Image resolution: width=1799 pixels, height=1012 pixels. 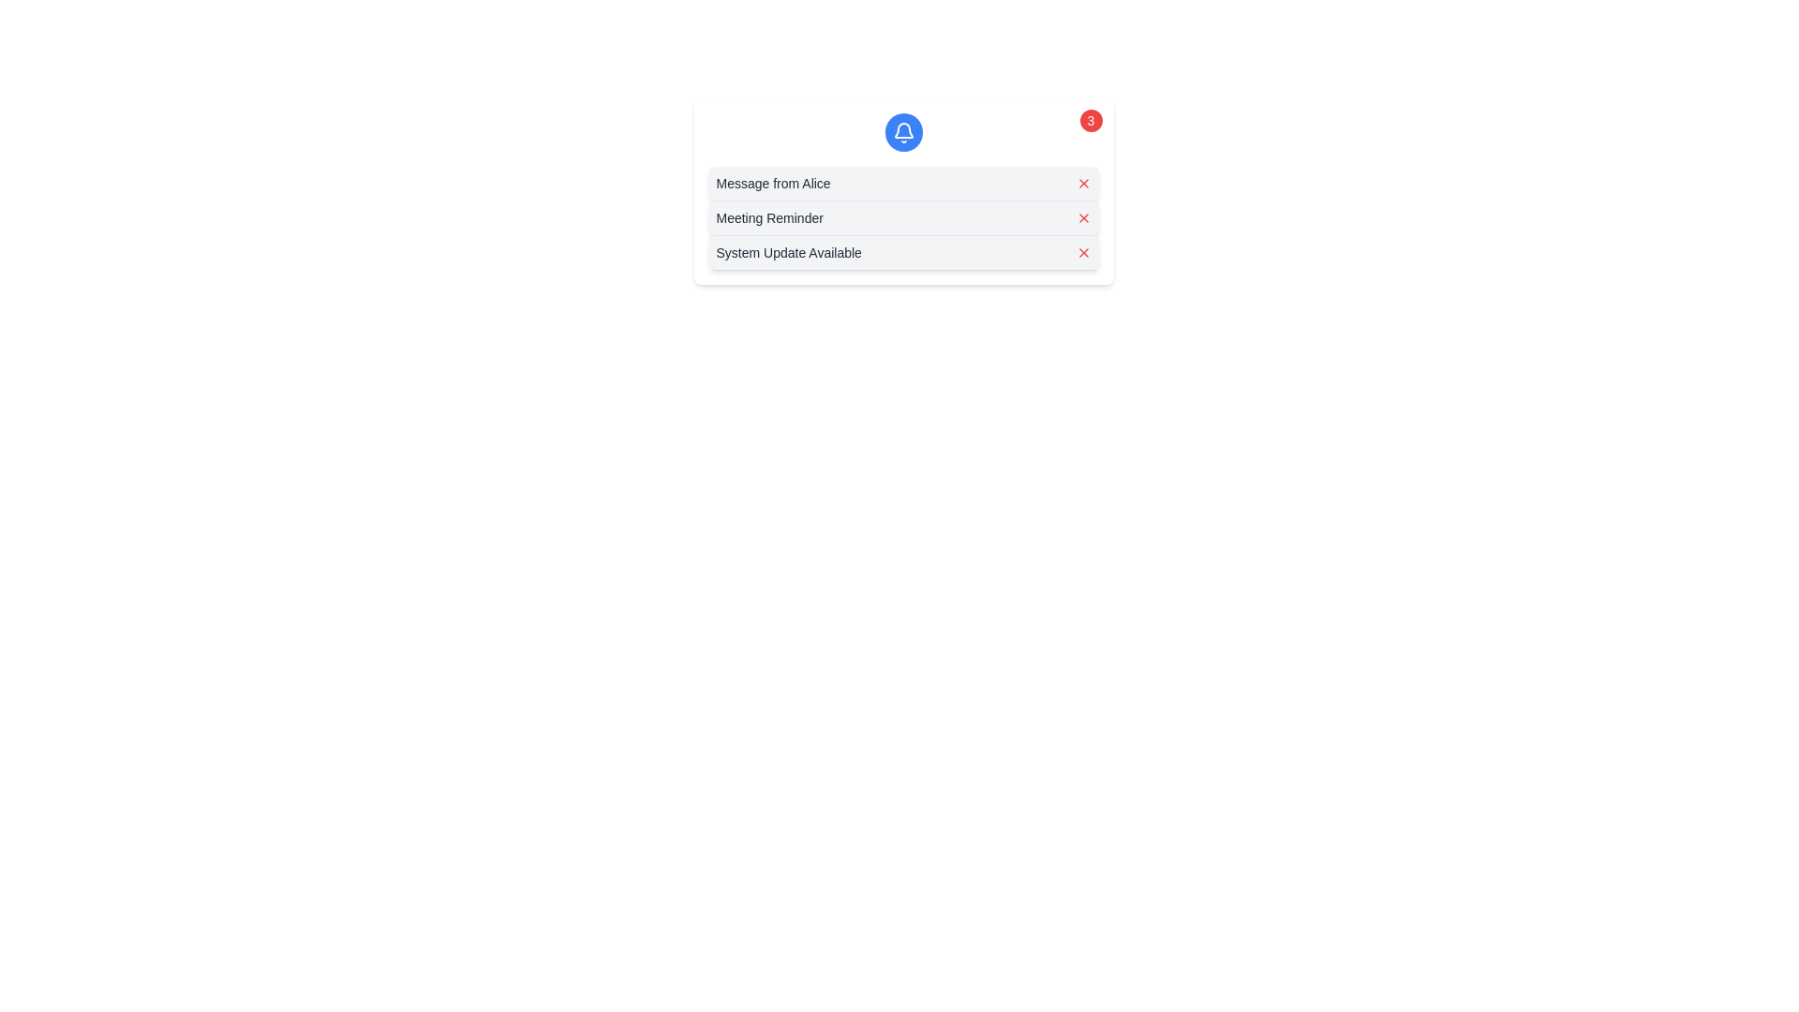 What do you see at coordinates (773, 183) in the screenshot?
I see `the Text Label that contains the text 'Message from Alice', which is styled in small gray font and is located at the top of a list of notifications` at bounding box center [773, 183].